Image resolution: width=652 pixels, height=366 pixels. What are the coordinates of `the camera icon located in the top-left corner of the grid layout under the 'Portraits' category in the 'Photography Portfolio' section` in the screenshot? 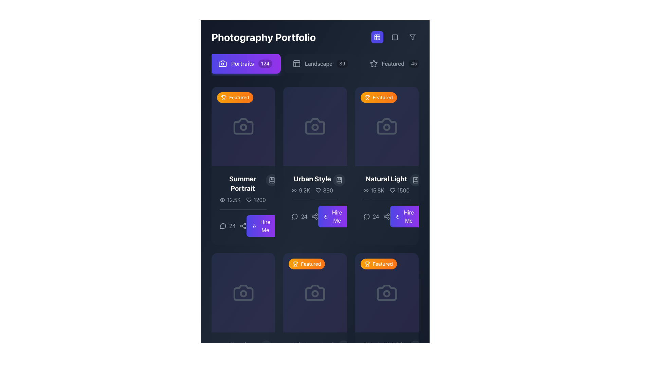 It's located at (243, 126).